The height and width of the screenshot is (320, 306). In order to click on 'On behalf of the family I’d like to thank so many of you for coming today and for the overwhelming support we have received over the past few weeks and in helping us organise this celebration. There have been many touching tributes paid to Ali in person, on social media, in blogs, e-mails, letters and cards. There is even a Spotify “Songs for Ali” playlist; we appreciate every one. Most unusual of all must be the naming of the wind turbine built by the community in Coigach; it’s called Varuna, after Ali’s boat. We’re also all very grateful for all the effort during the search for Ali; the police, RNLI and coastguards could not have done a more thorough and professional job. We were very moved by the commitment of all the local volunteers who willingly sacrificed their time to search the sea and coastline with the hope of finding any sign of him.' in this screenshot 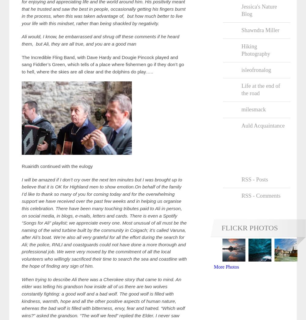, I will do `click(104, 226)`.